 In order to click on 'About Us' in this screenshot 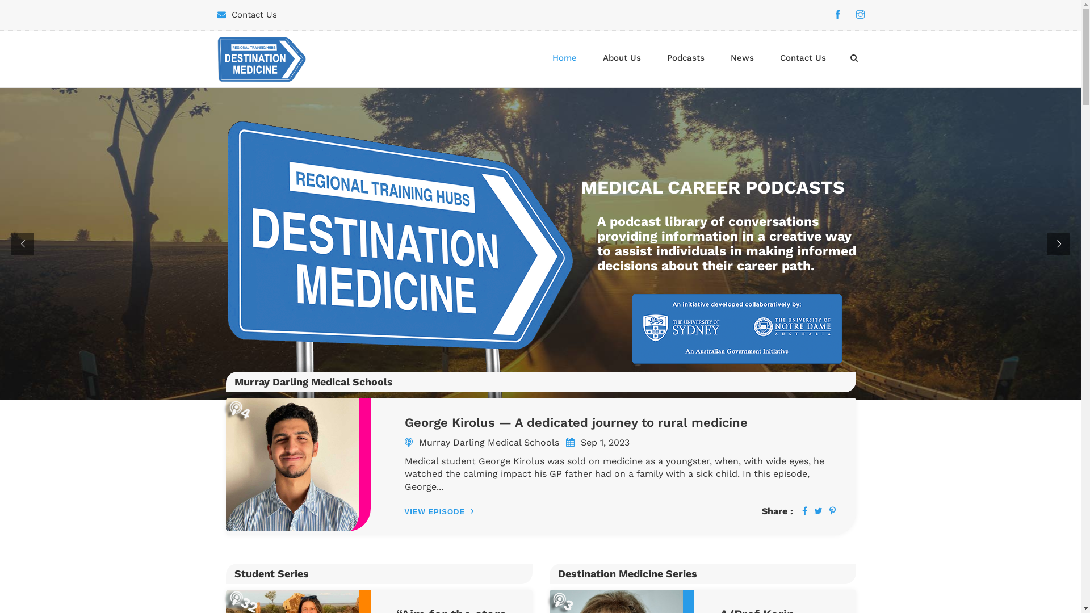, I will do `click(621, 57)`.